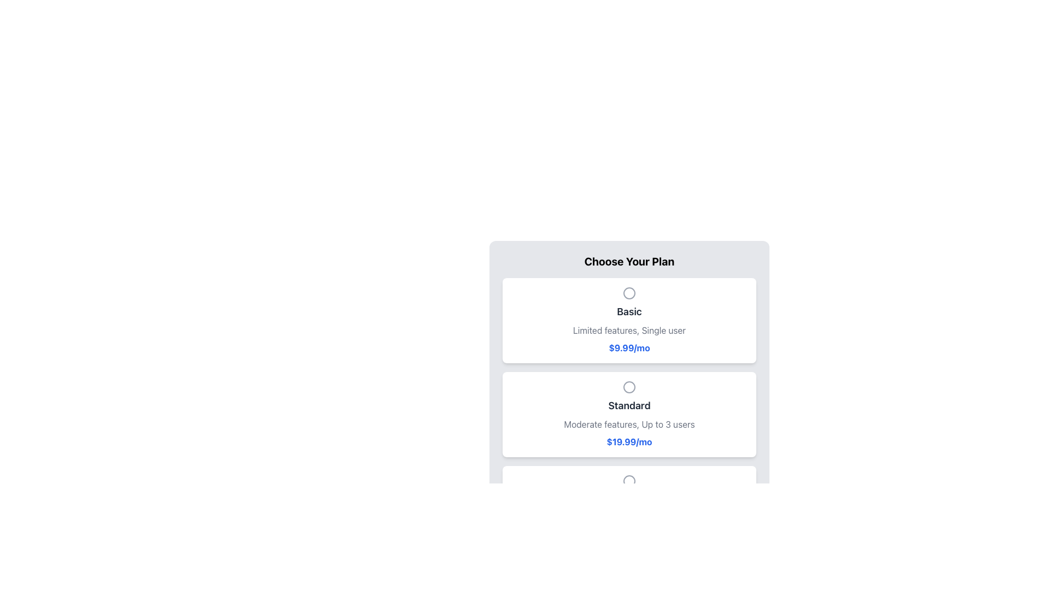 Image resolution: width=1050 pixels, height=590 pixels. What do you see at coordinates (629, 292) in the screenshot?
I see `the inner circular shape that indicates the current selection in the 'Basic' plan section` at bounding box center [629, 292].